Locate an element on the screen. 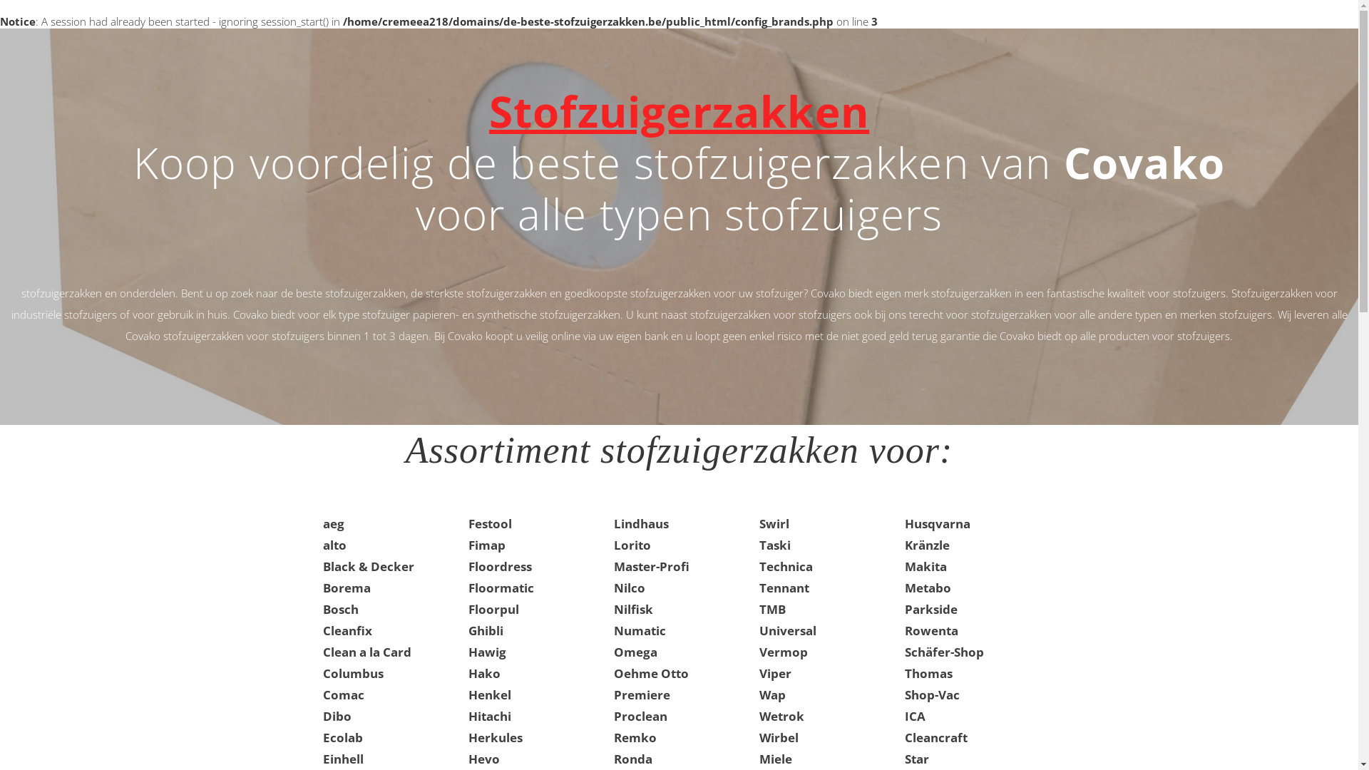 This screenshot has height=770, width=1369. 'Columbus' is located at coordinates (352, 673).